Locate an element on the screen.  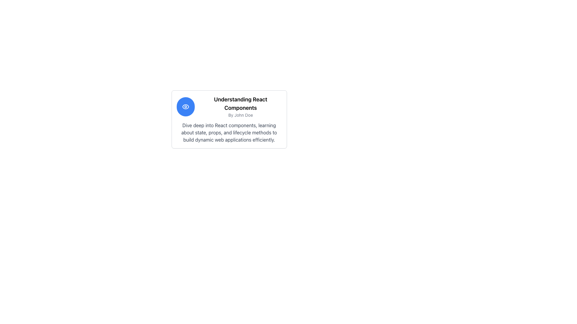
the eye icon element, which is styled as an SVG graphic, located within a blue circular button at the top-left corner of the card titled 'Understanding React Components.' is located at coordinates (185, 106).